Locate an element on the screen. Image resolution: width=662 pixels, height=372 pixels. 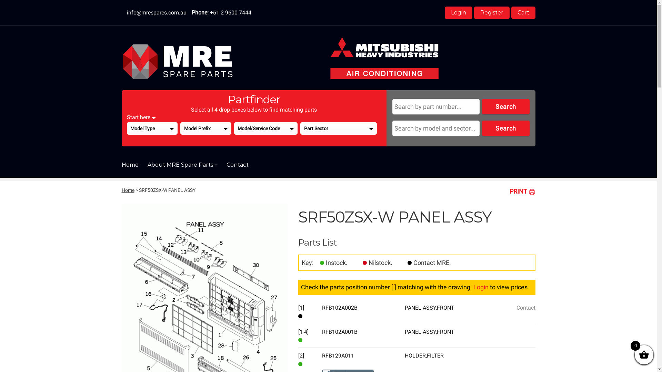
'Register' is located at coordinates (491, 13).